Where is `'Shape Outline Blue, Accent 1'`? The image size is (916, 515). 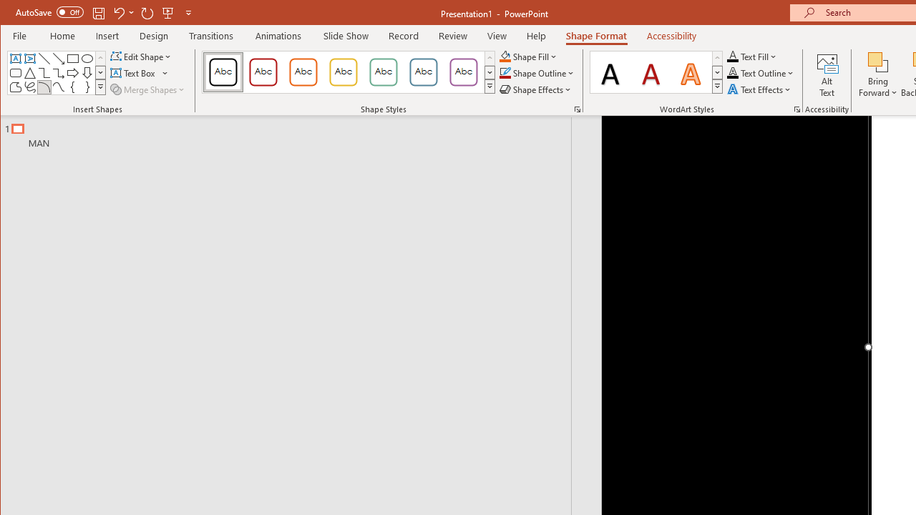 'Shape Outline Blue, Accent 1' is located at coordinates (505, 73).